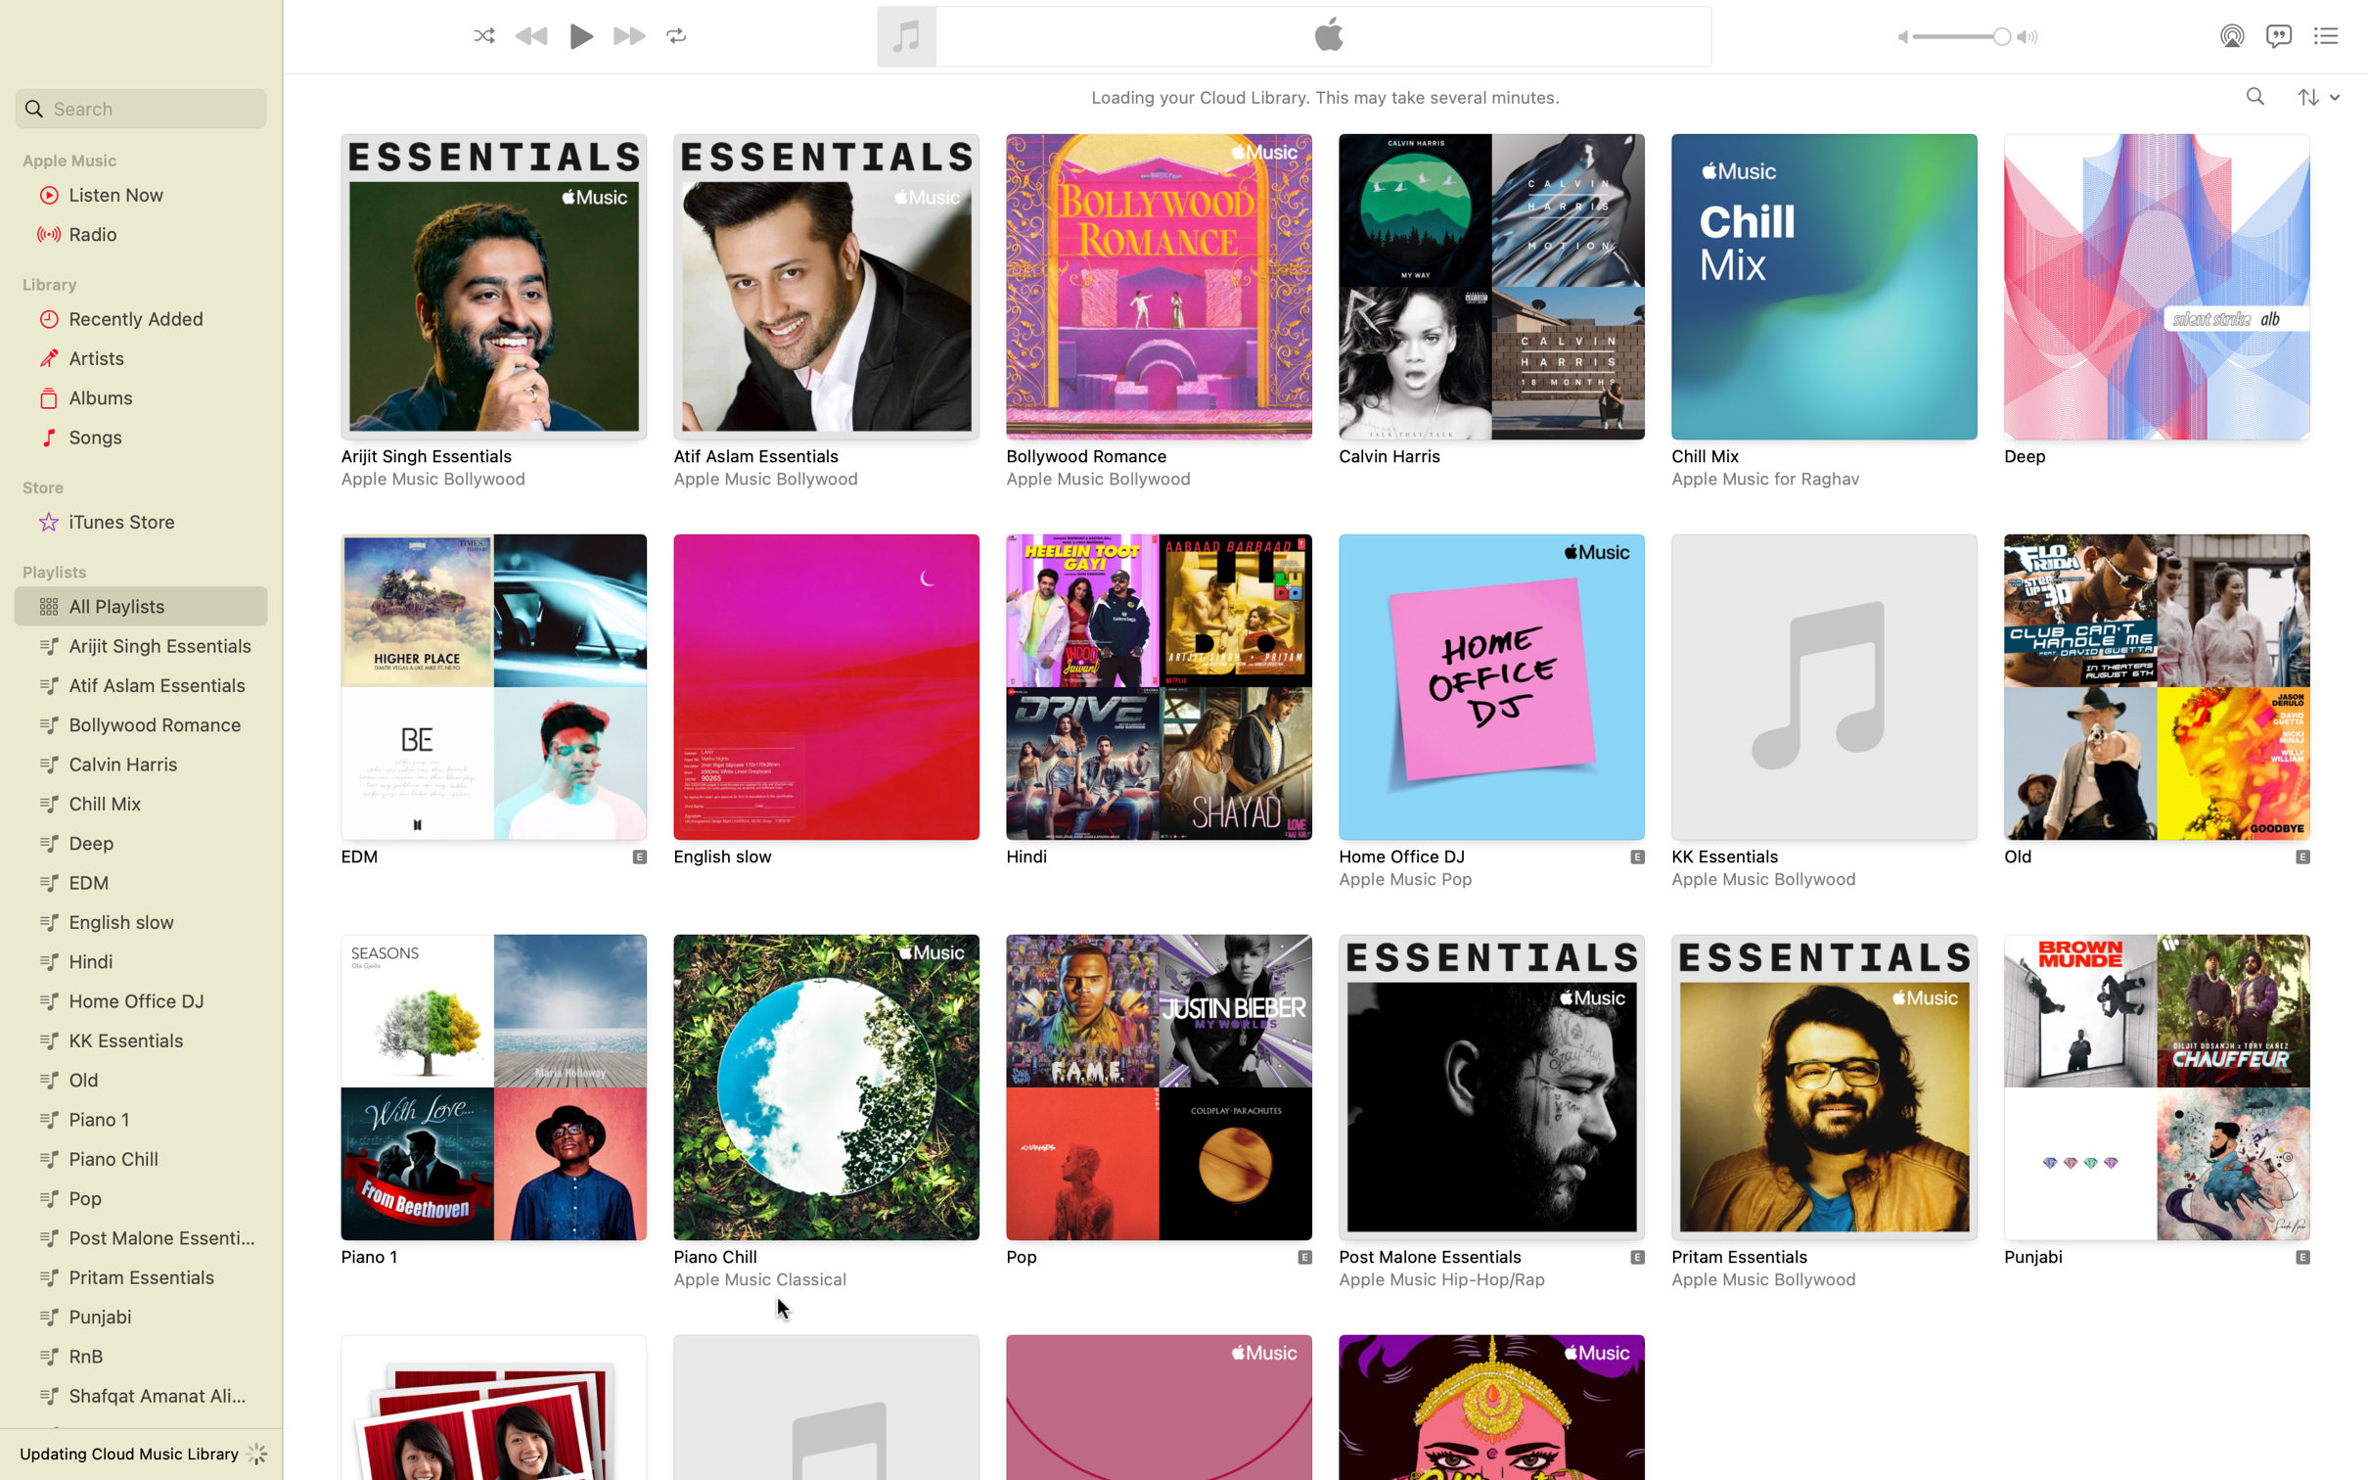 The width and height of the screenshot is (2368, 1480). I want to click on the Atif playlist and select it, so click(824, 313).